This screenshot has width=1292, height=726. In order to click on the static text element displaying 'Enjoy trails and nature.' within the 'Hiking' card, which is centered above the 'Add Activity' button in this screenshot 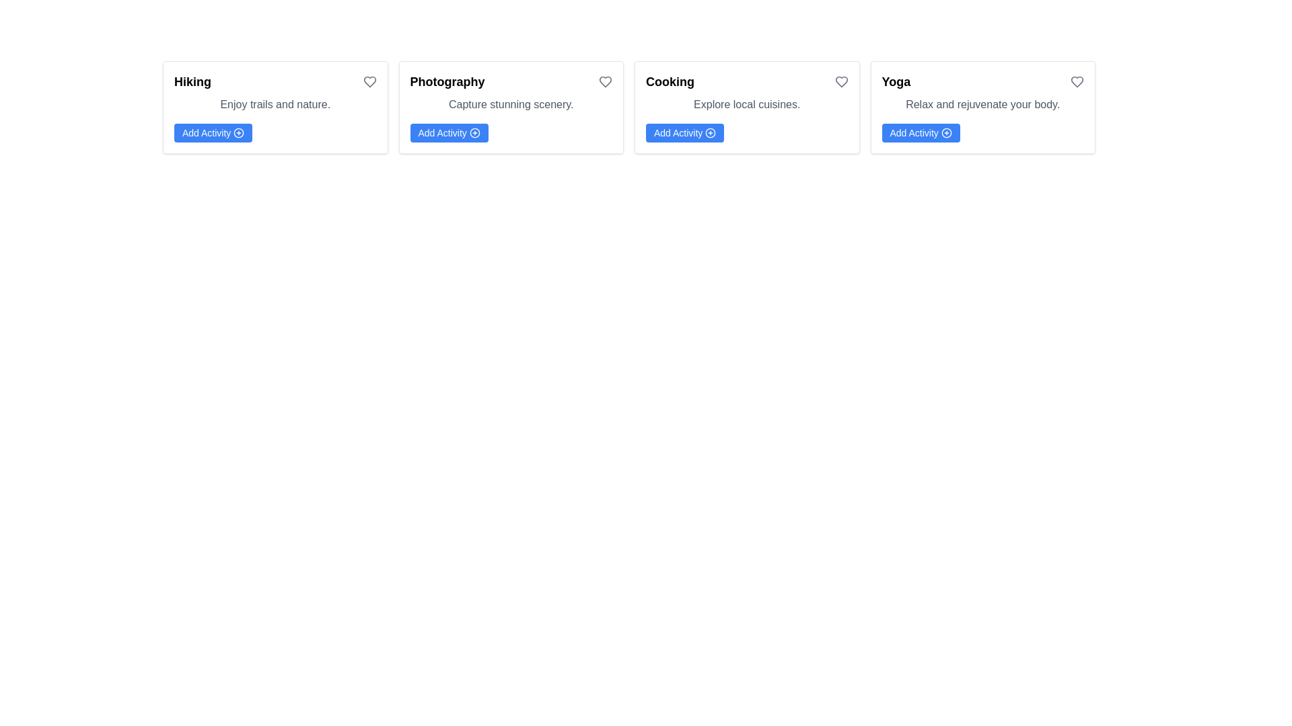, I will do `click(275, 104)`.